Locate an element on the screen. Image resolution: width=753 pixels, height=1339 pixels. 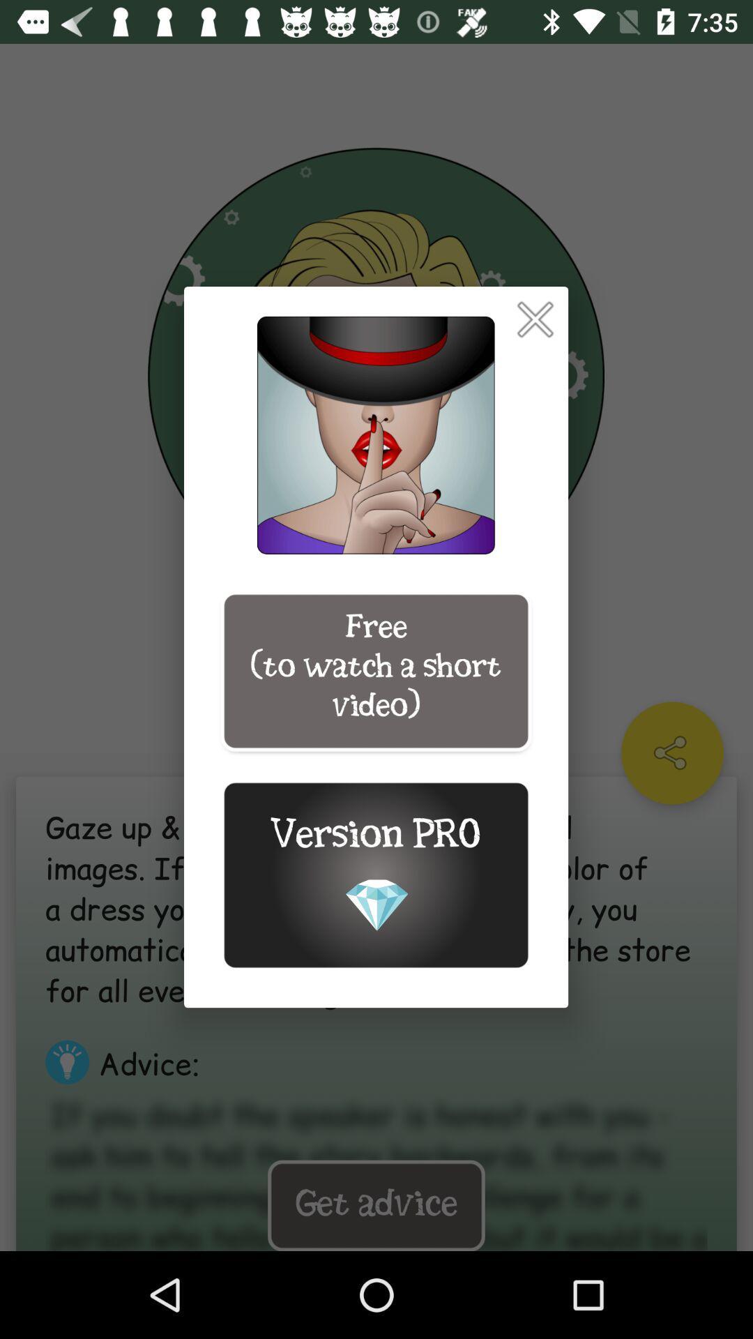
watch a short video to continue for free or go pro is located at coordinates (534, 319).